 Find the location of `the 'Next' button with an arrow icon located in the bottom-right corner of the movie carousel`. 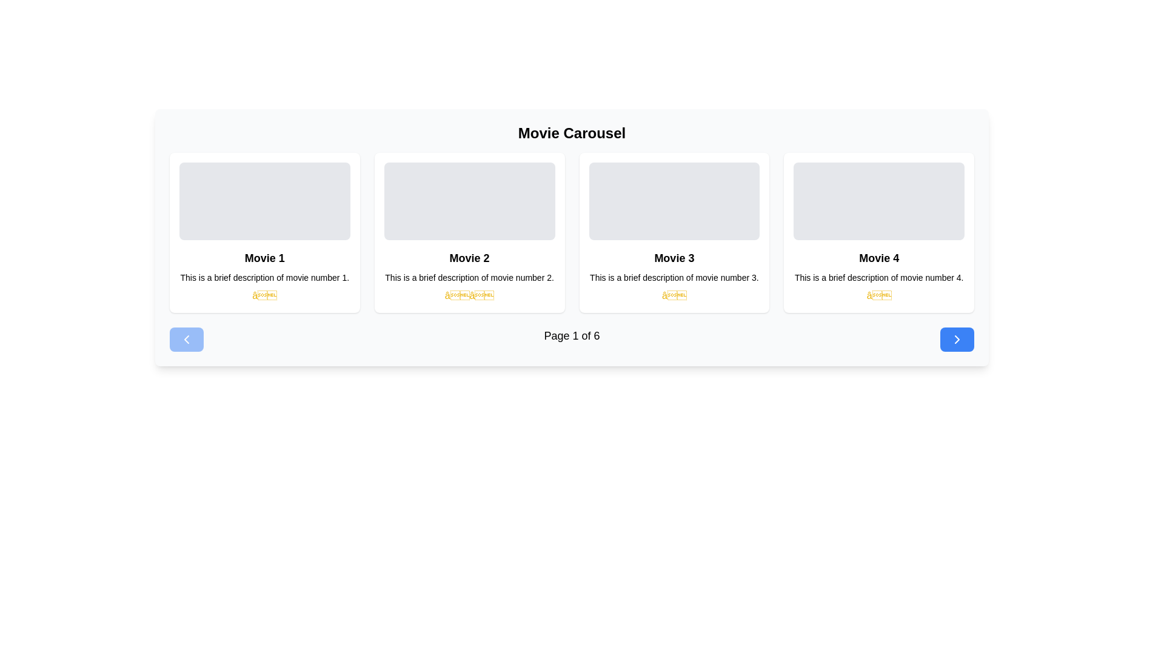

the 'Next' button with an arrow icon located in the bottom-right corner of the movie carousel is located at coordinates (957, 339).